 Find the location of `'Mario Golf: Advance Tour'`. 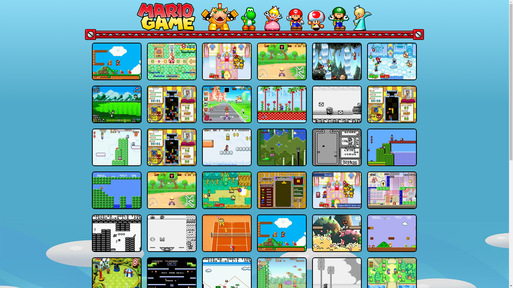

'Mario Golf: Advance Tour' is located at coordinates (392, 275).